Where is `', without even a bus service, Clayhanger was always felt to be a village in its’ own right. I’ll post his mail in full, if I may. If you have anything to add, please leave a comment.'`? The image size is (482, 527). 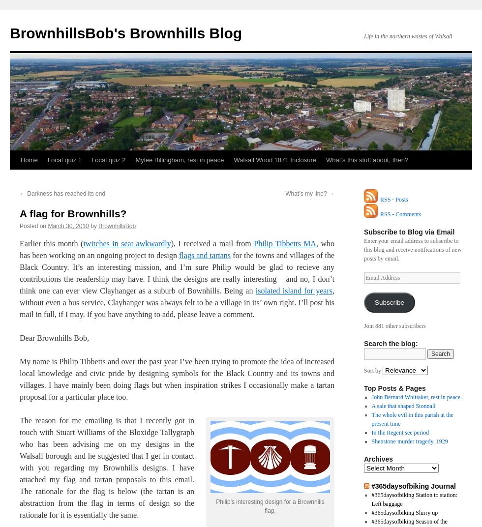
', without even a bus service, Clayhanger was always felt to be a village in its’ own right. I’ll post his mail in full, if I may. If you have anything to add, please leave a comment.' is located at coordinates (177, 302).